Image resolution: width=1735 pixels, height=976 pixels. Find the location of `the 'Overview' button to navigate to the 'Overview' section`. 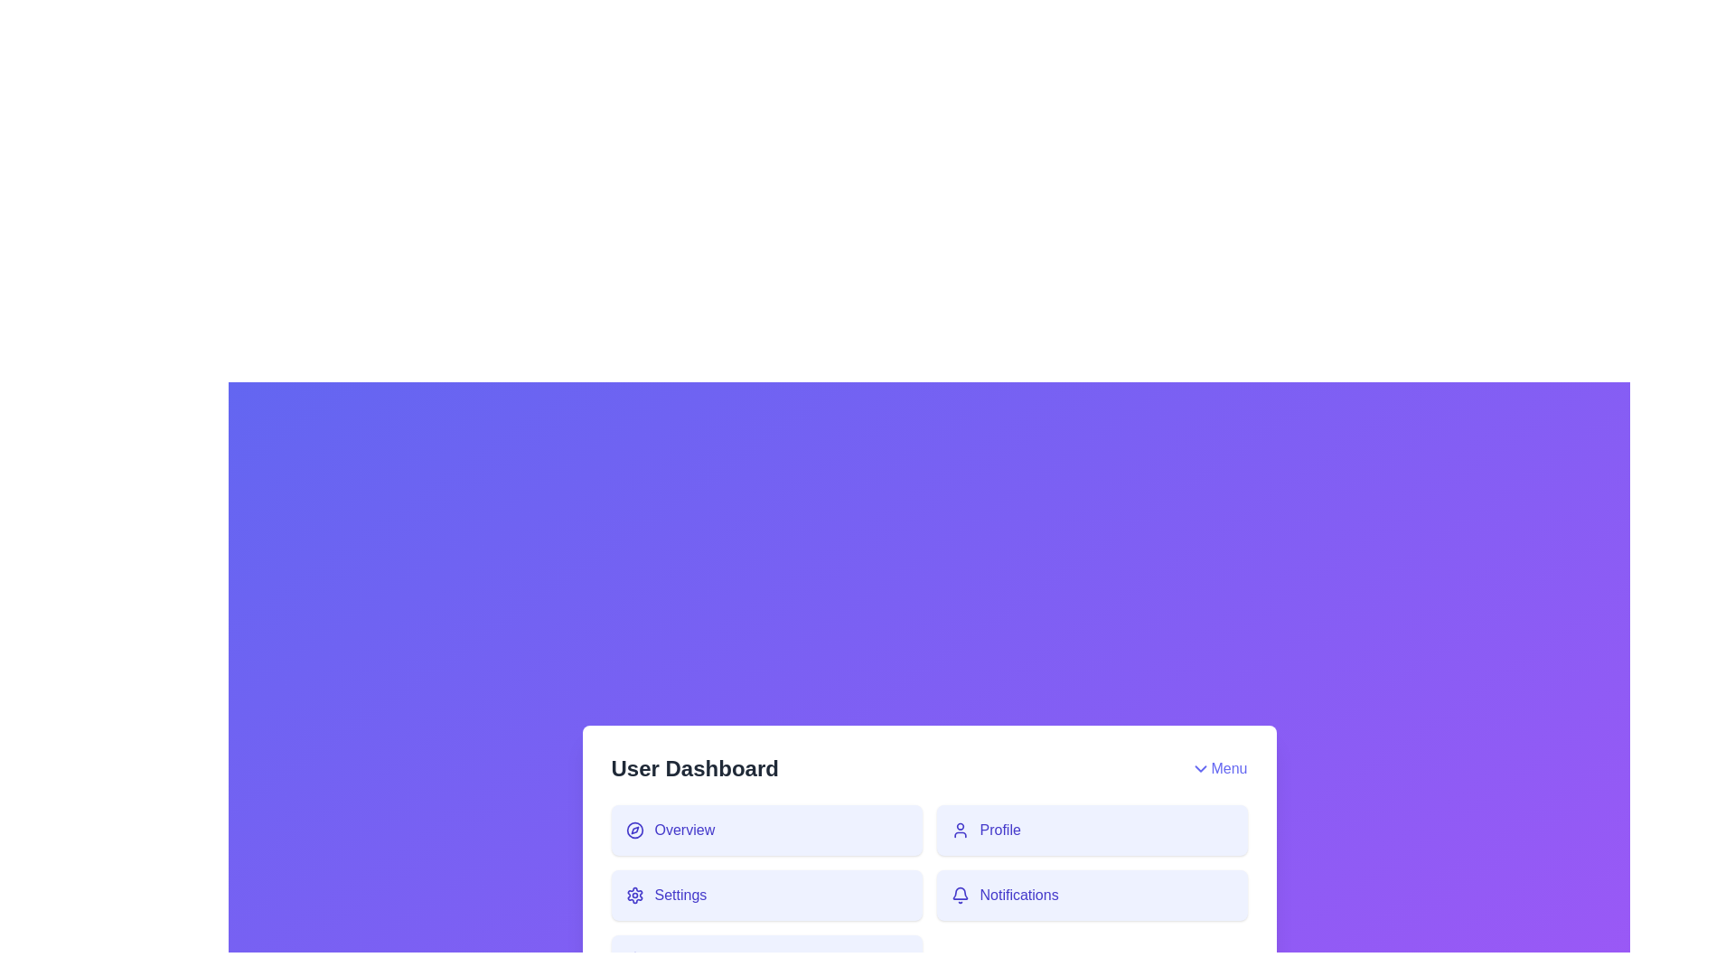

the 'Overview' button to navigate to the 'Overview' section is located at coordinates (766, 830).